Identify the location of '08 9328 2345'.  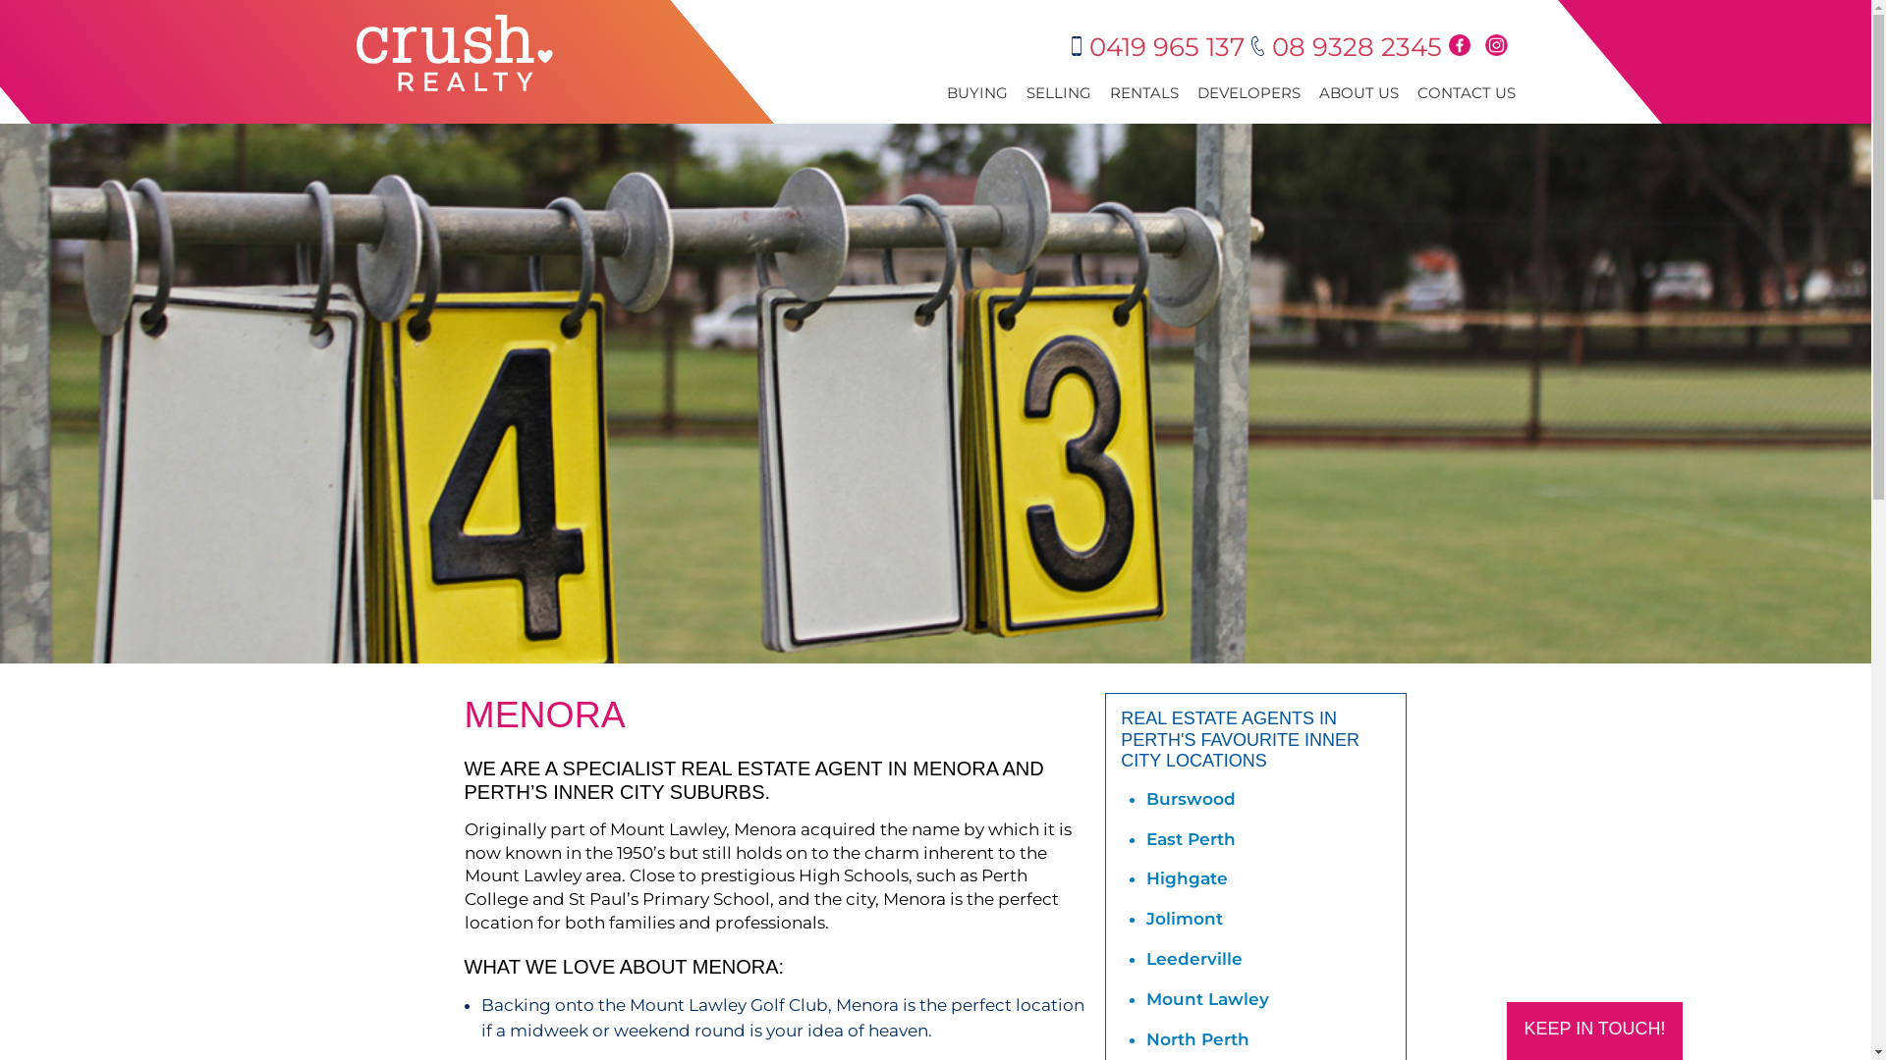
(1349, 45).